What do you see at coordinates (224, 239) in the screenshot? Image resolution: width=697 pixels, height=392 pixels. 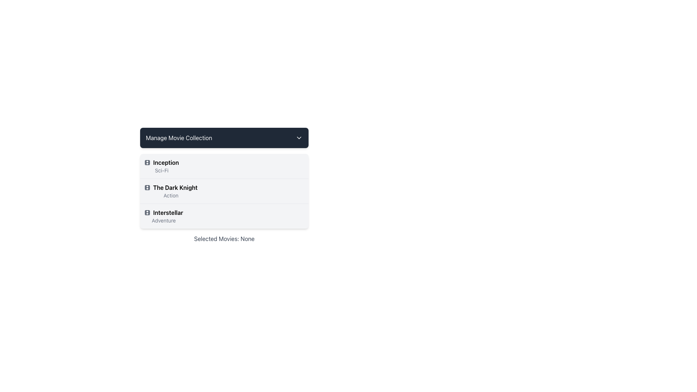 I see `the text label displaying 'Selected Movies: None' located beneath the movie list` at bounding box center [224, 239].